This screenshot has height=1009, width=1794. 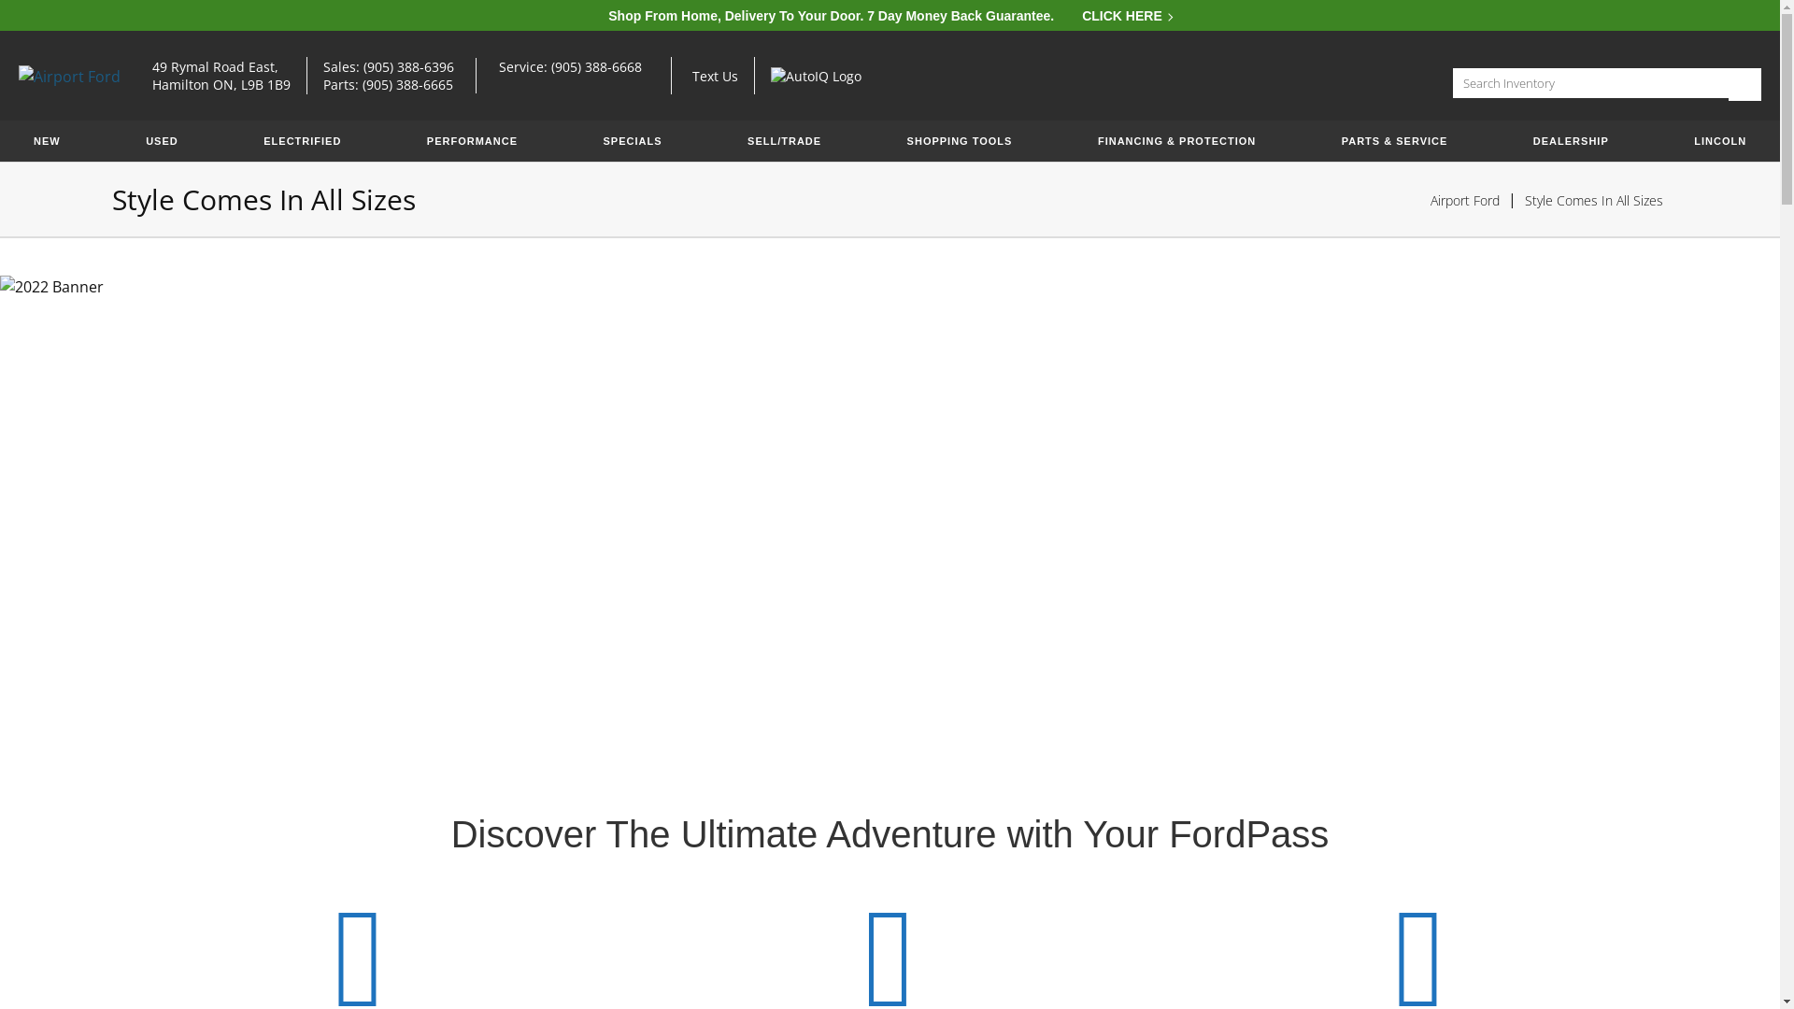 I want to click on 'PERFORMANCE', so click(x=472, y=140).